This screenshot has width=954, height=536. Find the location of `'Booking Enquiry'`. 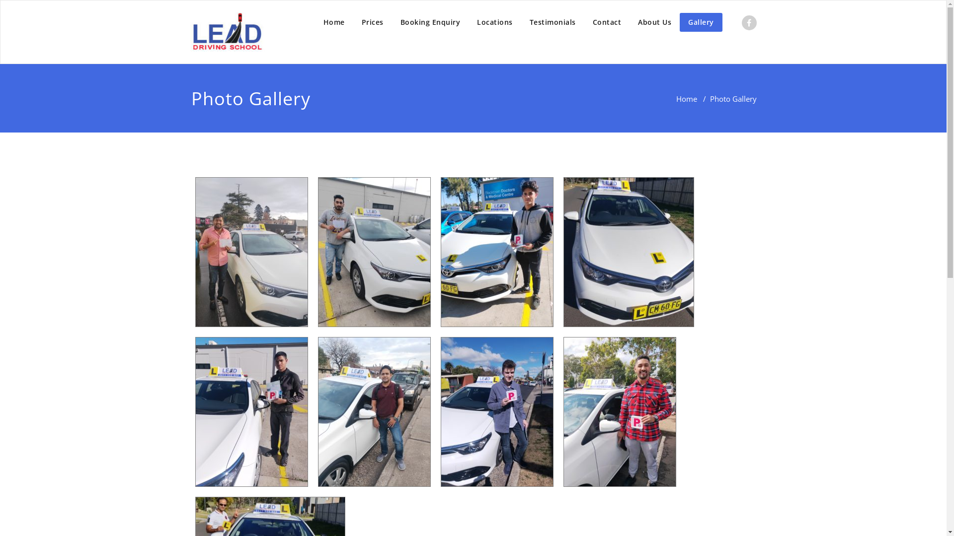

'Booking Enquiry' is located at coordinates (391, 22).